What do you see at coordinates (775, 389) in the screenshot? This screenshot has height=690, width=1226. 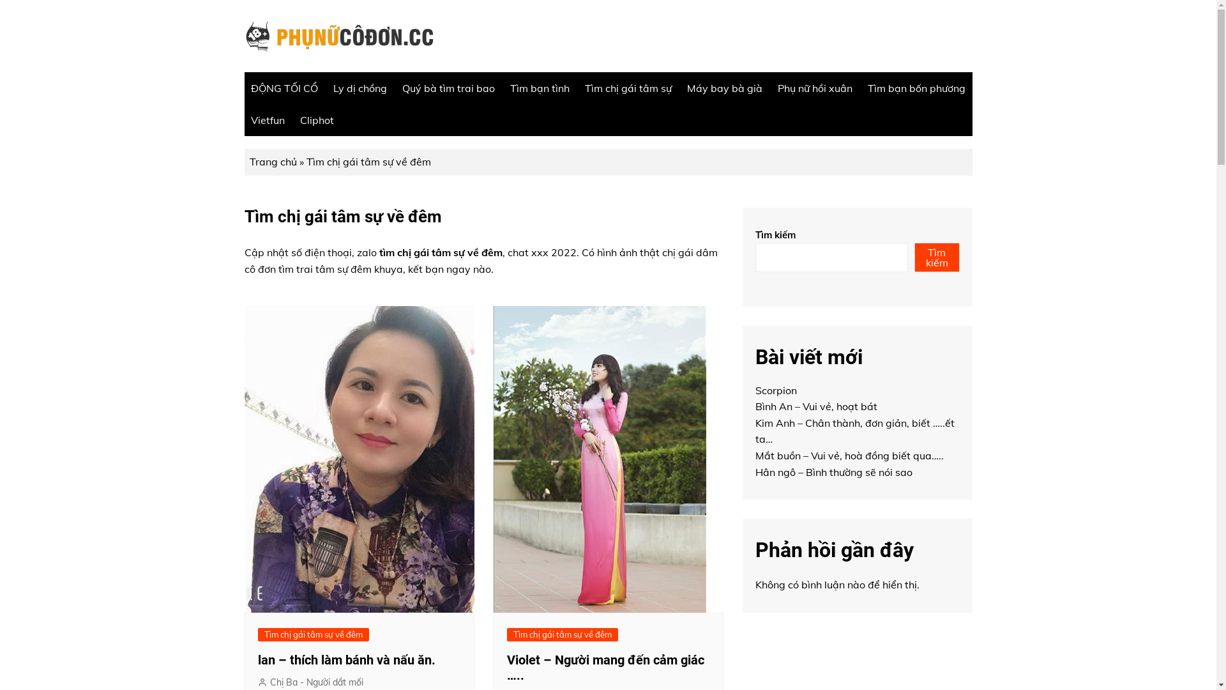 I see `'Scorpion'` at bounding box center [775, 389].